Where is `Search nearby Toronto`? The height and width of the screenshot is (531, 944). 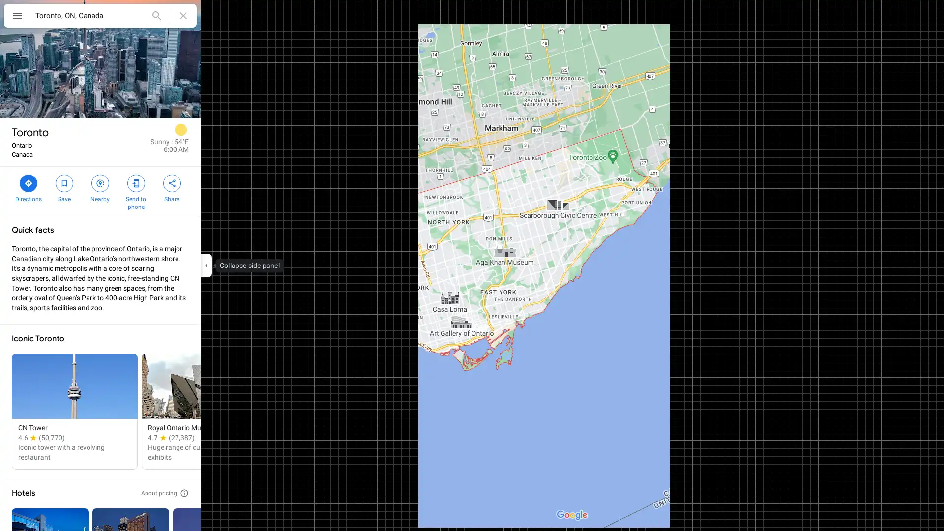
Search nearby Toronto is located at coordinates (100, 187).